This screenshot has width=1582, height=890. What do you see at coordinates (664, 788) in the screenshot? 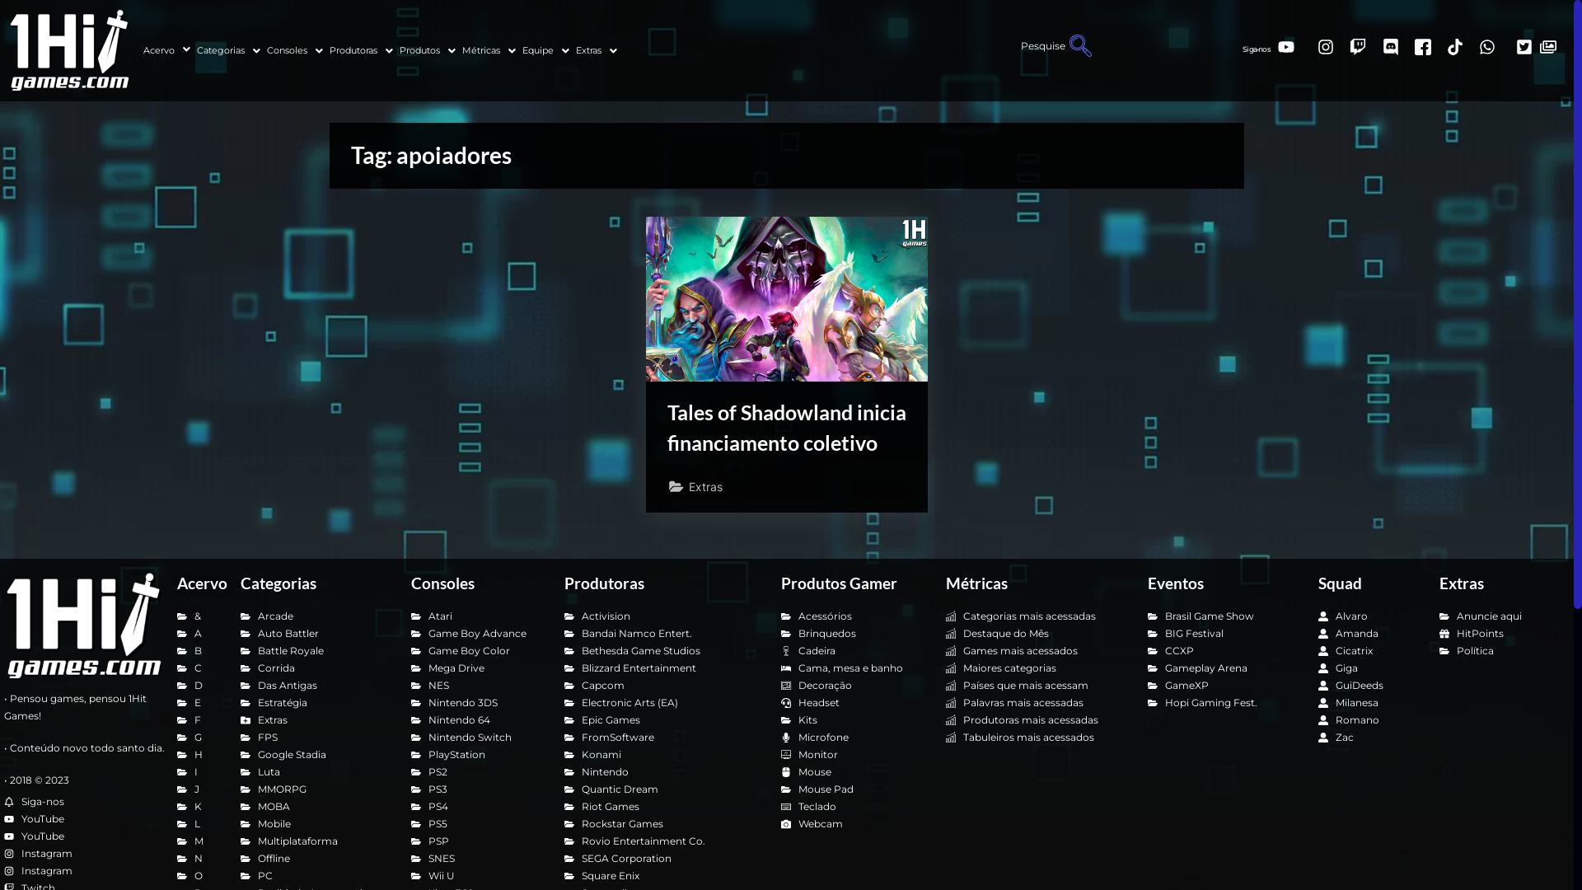
I see `'Quantic Dream'` at bounding box center [664, 788].